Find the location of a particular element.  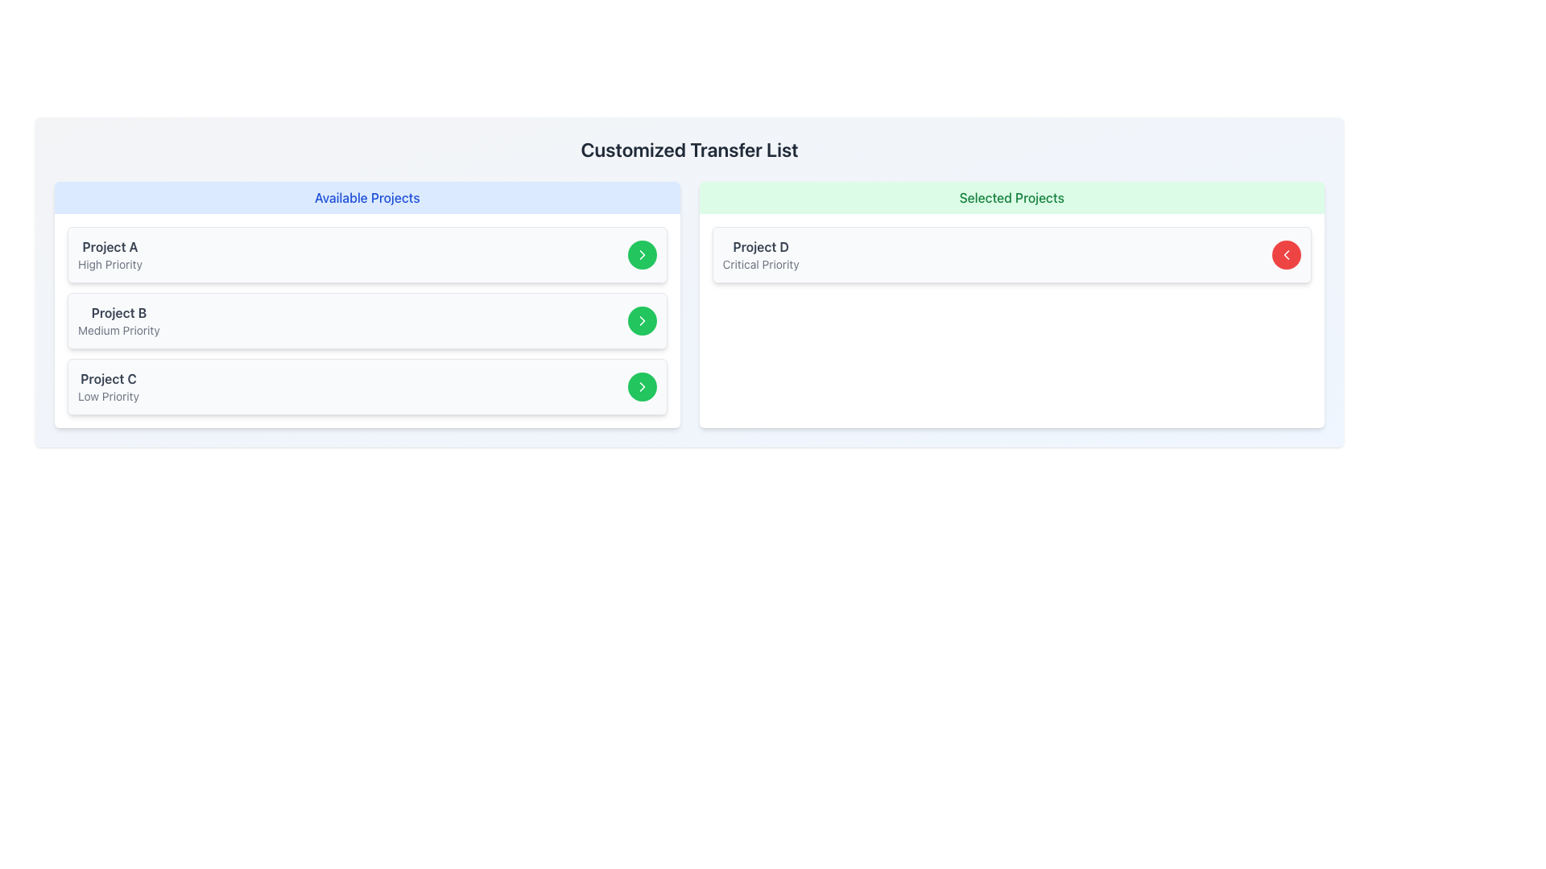

the right-pointing chevron icon within the green circular button associated with 'Project B' in the 'Available Projects' column is located at coordinates (641, 253).